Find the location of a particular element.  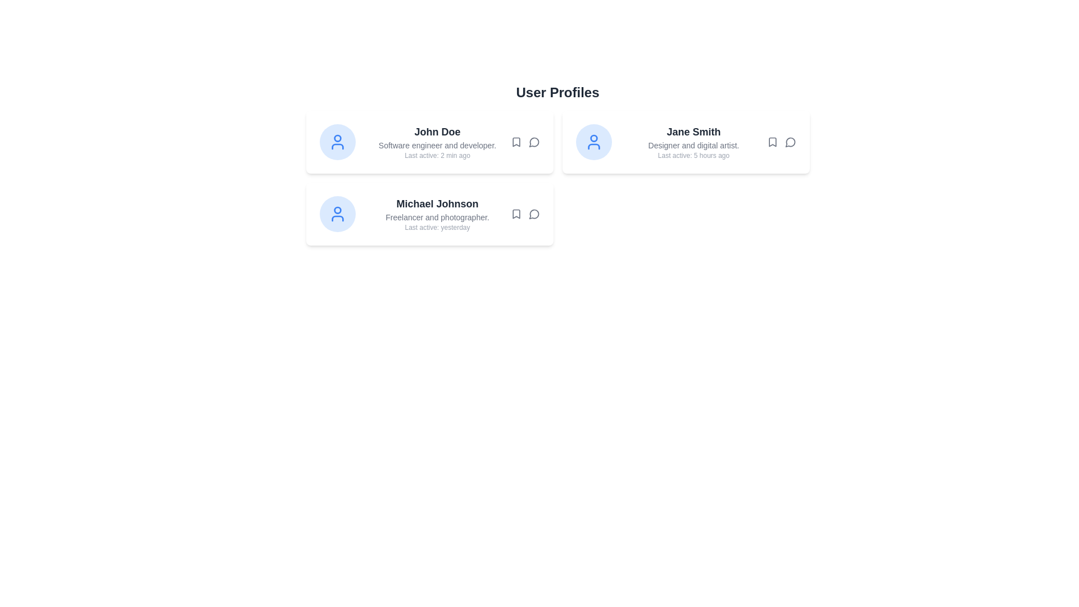

the bookmark icon located at the top-right corner of the card representing 'Michael Johnson' is located at coordinates (515, 214).